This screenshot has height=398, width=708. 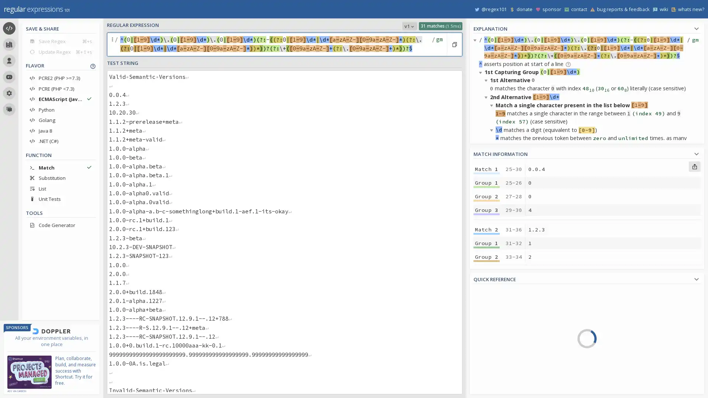 I want to click on Change delimiter, so click(x=113, y=44).